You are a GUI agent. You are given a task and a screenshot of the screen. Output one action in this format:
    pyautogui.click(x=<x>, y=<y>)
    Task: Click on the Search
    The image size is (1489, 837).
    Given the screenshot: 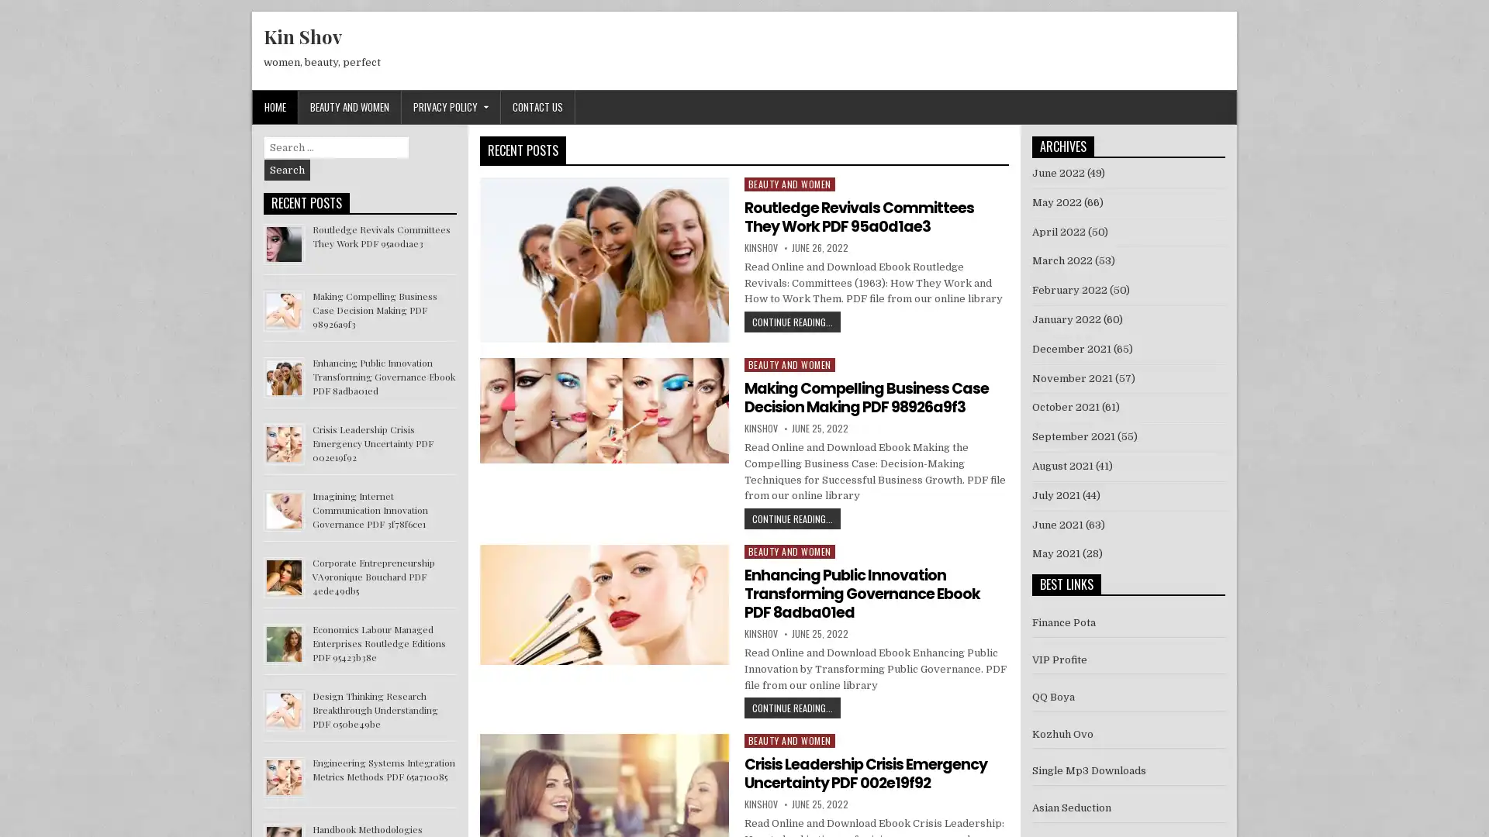 What is the action you would take?
    pyautogui.click(x=287, y=170)
    